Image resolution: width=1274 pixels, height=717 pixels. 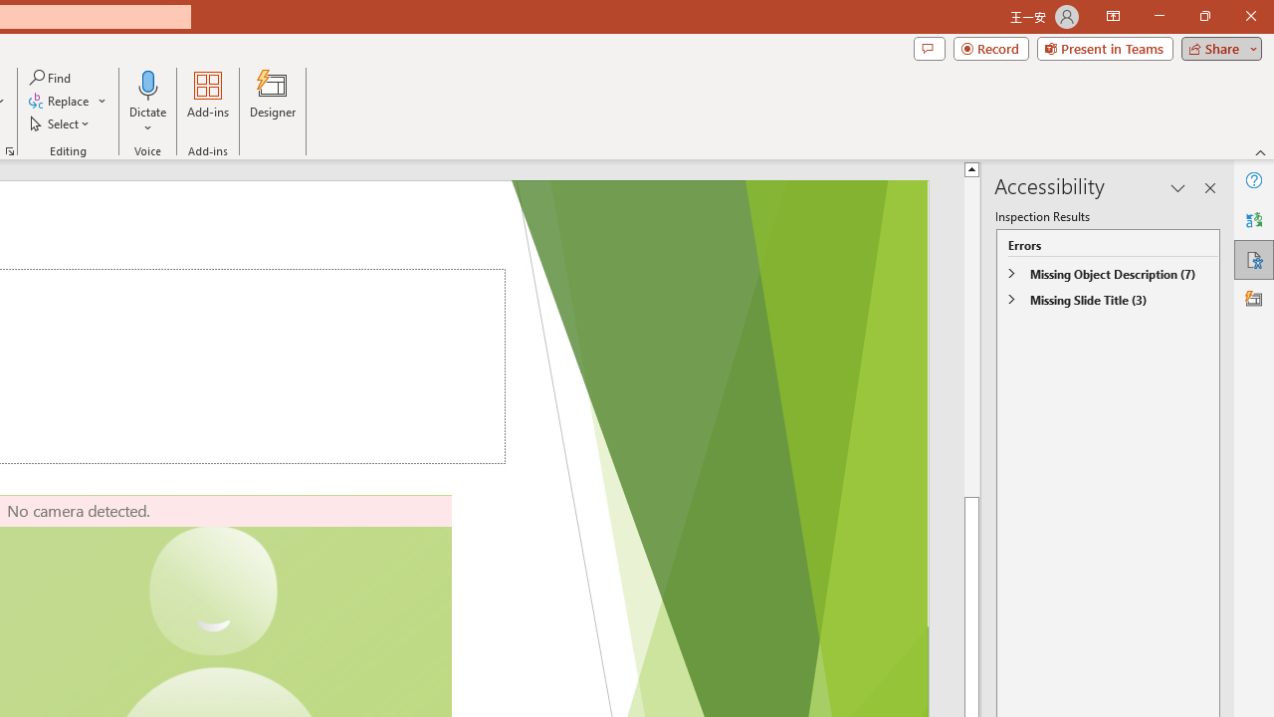 What do you see at coordinates (61, 123) in the screenshot?
I see `'Select'` at bounding box center [61, 123].